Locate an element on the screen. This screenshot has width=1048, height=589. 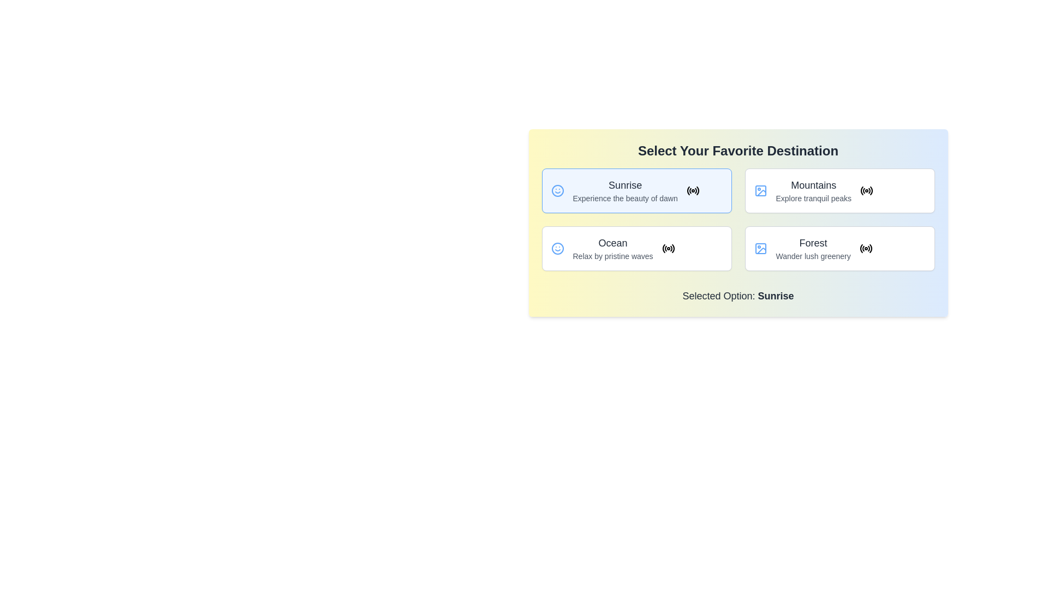
the descriptive text element titled 'Sunrise' with the subtitle 'Experience the beauty of dawn', which is located in the upper-left quadrant under 'Select Your Favorite Destination' is located at coordinates (625, 190).